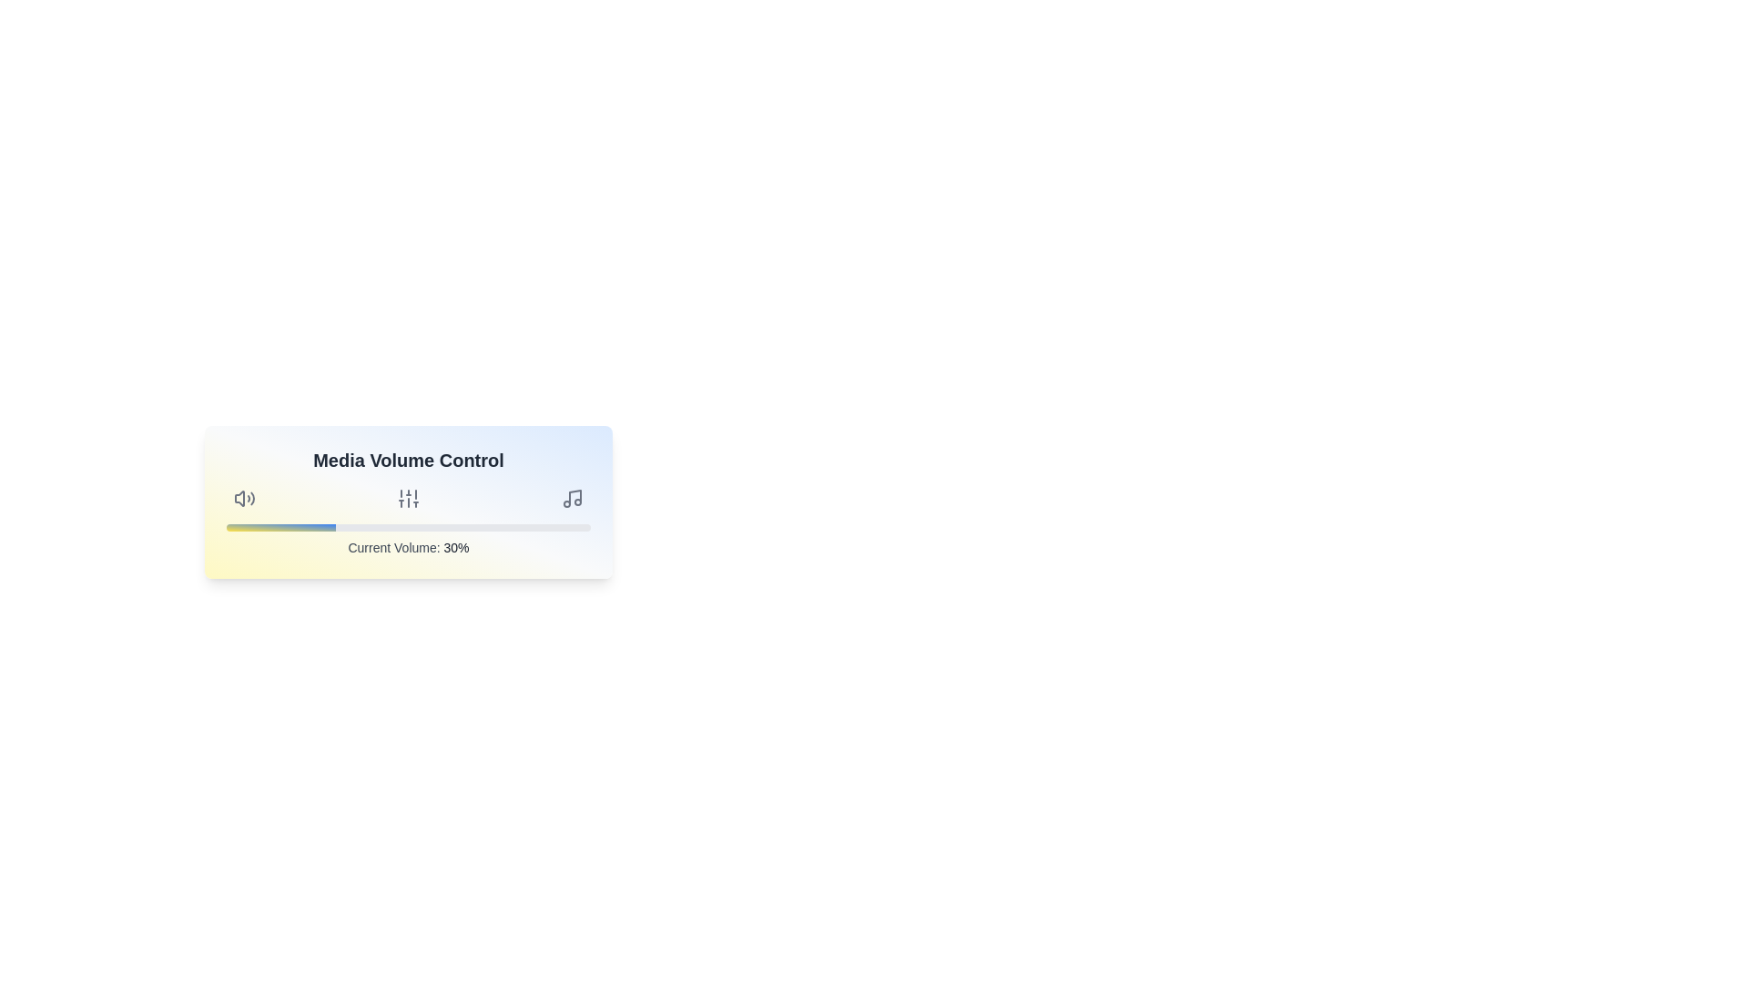 The width and height of the screenshot is (1748, 983). Describe the element at coordinates (474, 527) in the screenshot. I see `the volume` at that location.